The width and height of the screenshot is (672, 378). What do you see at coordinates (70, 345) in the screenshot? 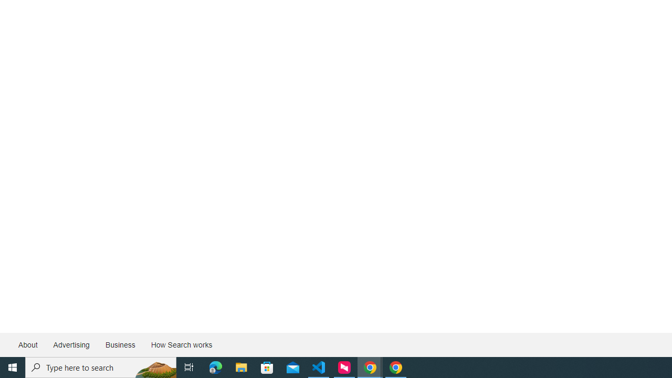
I see `'Advertising'` at bounding box center [70, 345].